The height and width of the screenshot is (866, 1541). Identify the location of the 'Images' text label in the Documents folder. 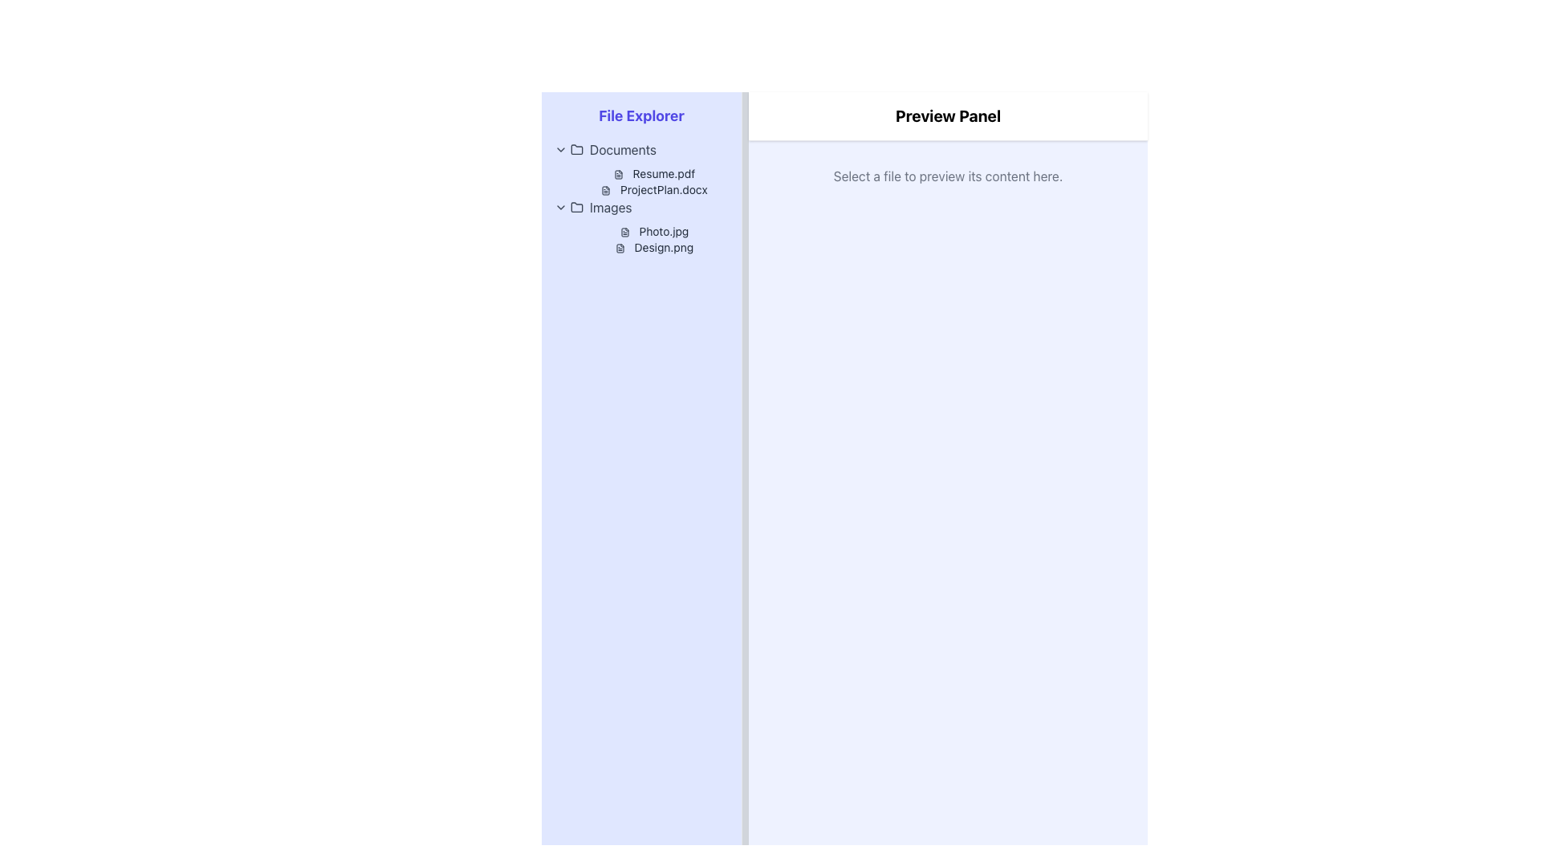
(610, 206).